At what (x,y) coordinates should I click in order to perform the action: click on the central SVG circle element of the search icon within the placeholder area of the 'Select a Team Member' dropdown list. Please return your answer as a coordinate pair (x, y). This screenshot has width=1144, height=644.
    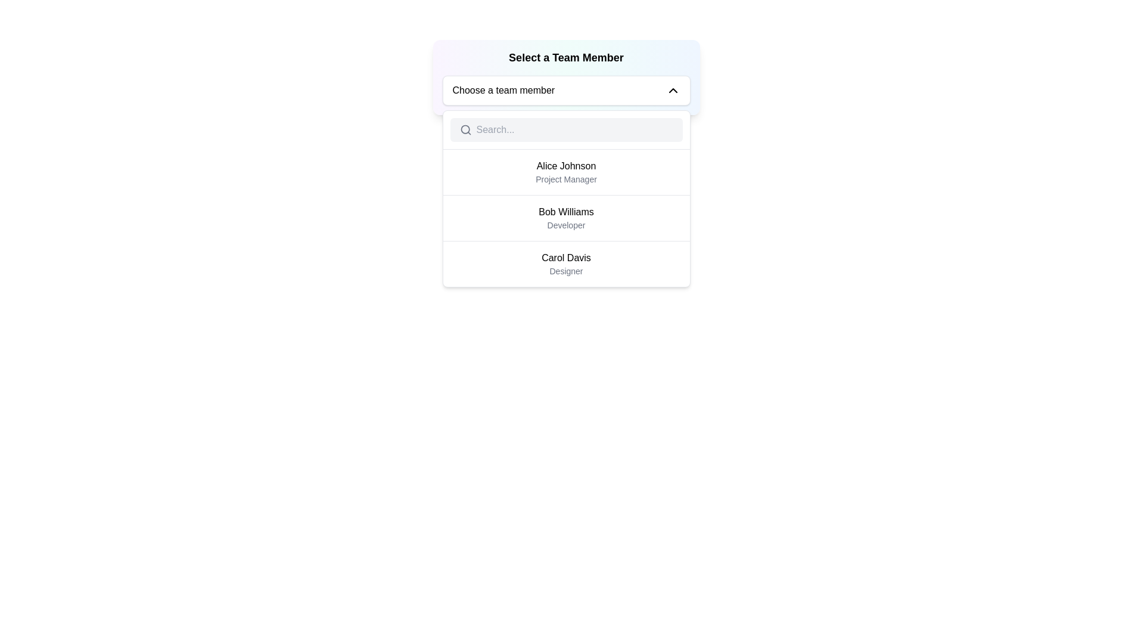
    Looking at the image, I should click on (464, 129).